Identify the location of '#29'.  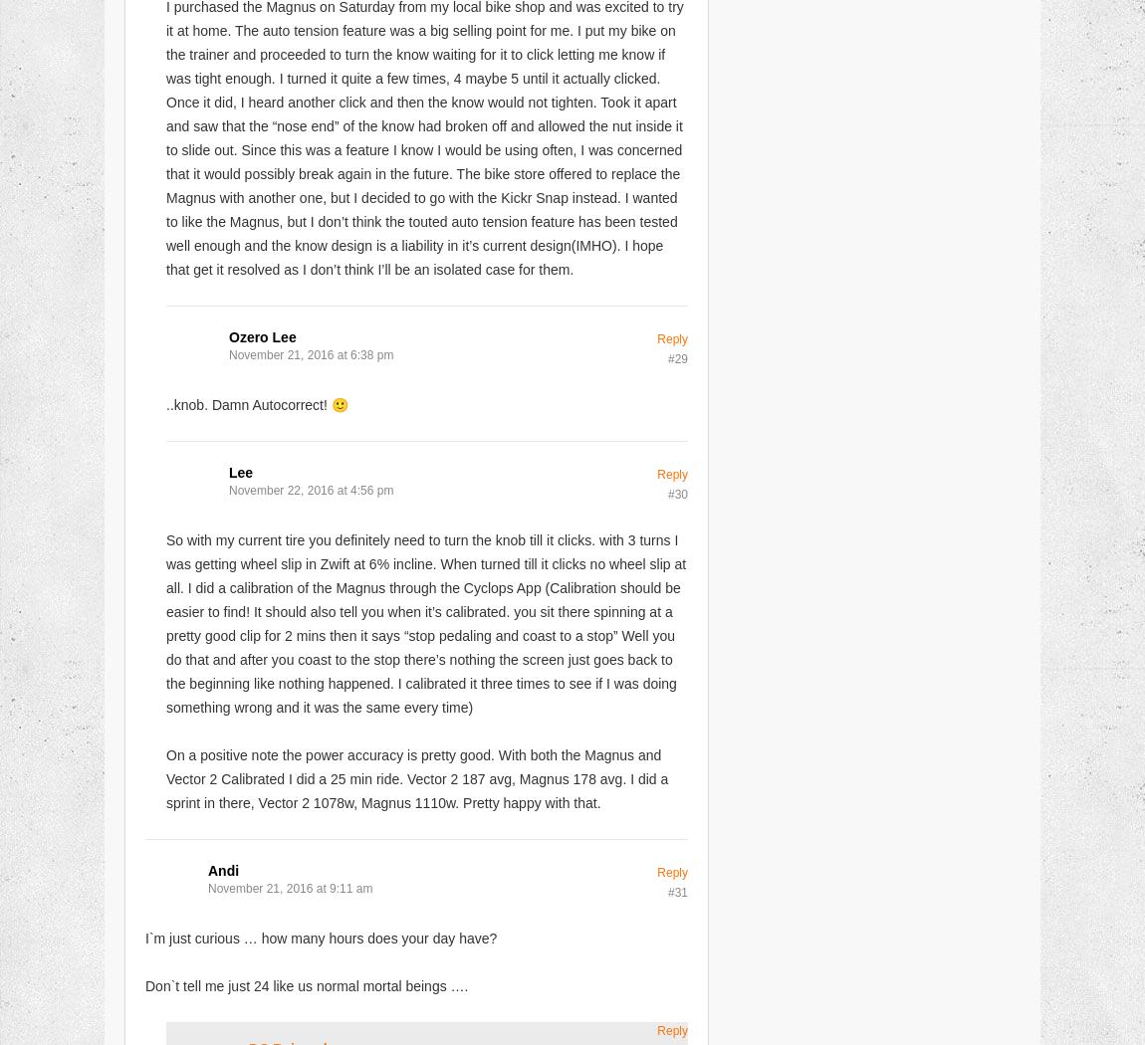
(676, 357).